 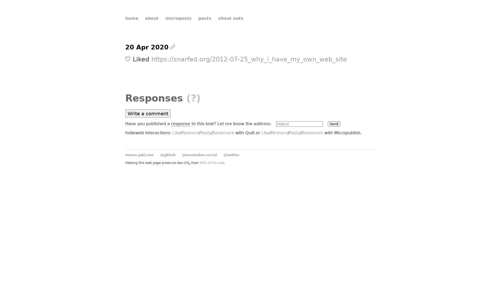 What do you see at coordinates (147, 113) in the screenshot?
I see `Write a comment` at bounding box center [147, 113].